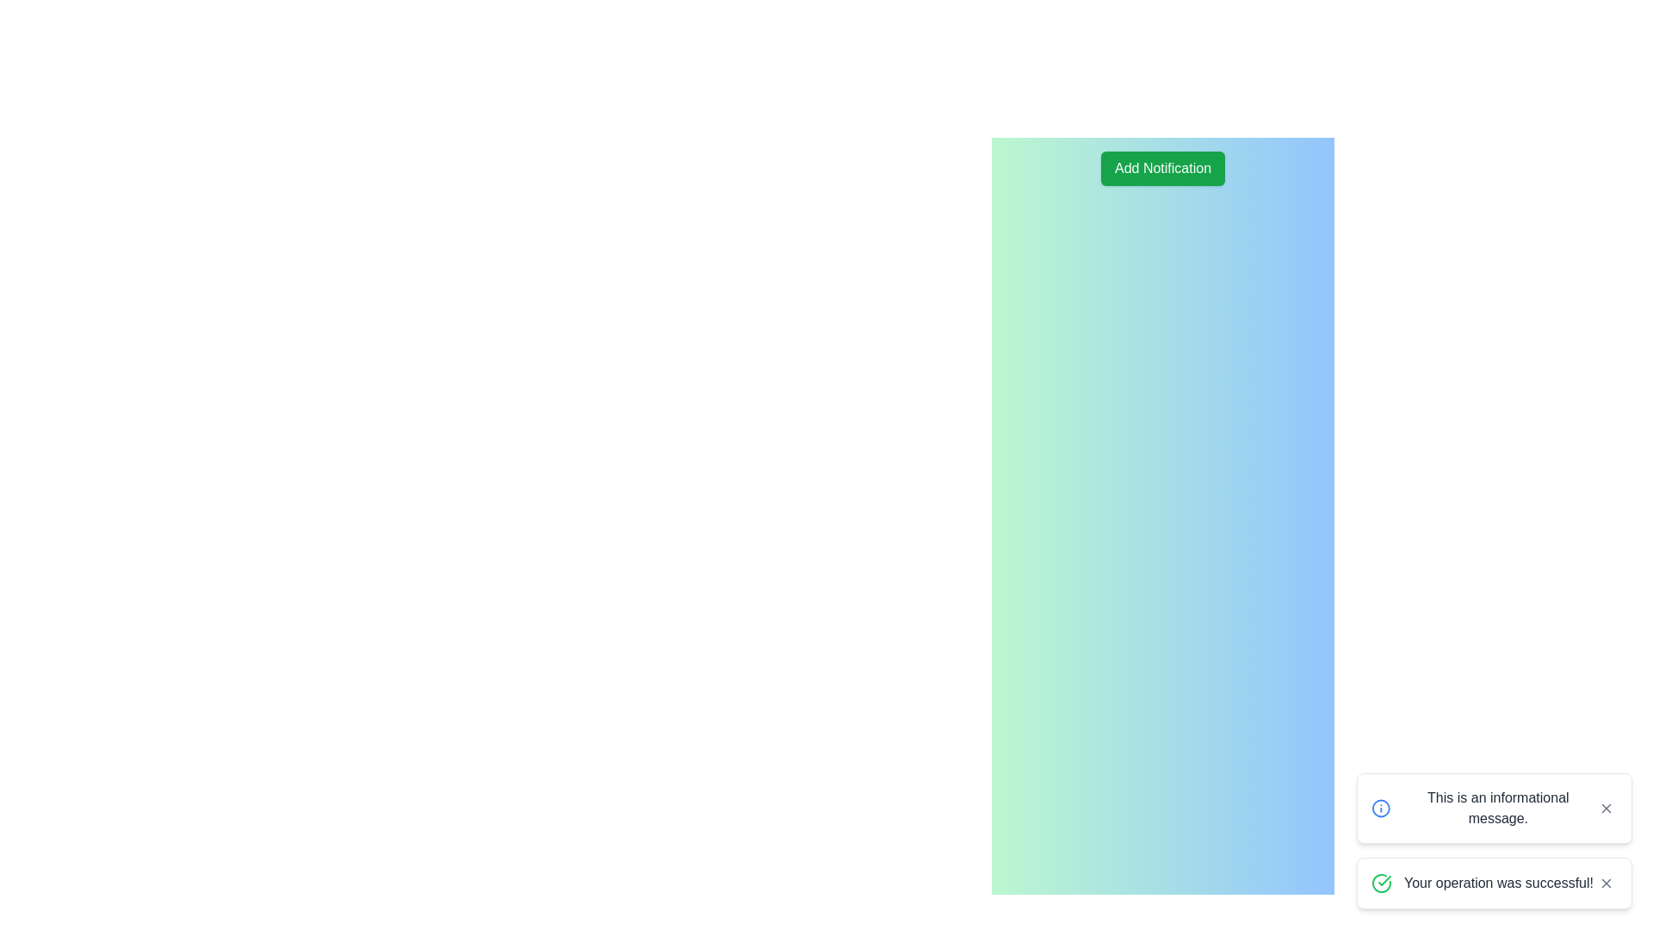 Image resolution: width=1653 pixels, height=930 pixels. What do you see at coordinates (1381, 883) in the screenshot?
I see `the success confirmation icon located in the notification card at the bottom-right of the interface, adjacent to the success message` at bounding box center [1381, 883].